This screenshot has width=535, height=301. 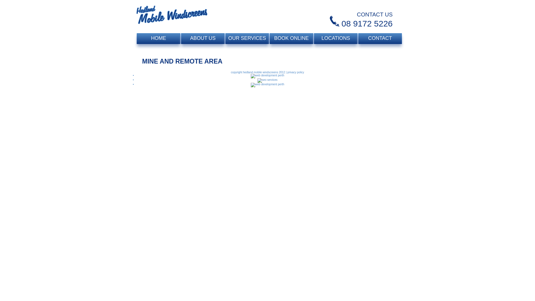 What do you see at coordinates (380, 38) in the screenshot?
I see `'CONTACT'` at bounding box center [380, 38].